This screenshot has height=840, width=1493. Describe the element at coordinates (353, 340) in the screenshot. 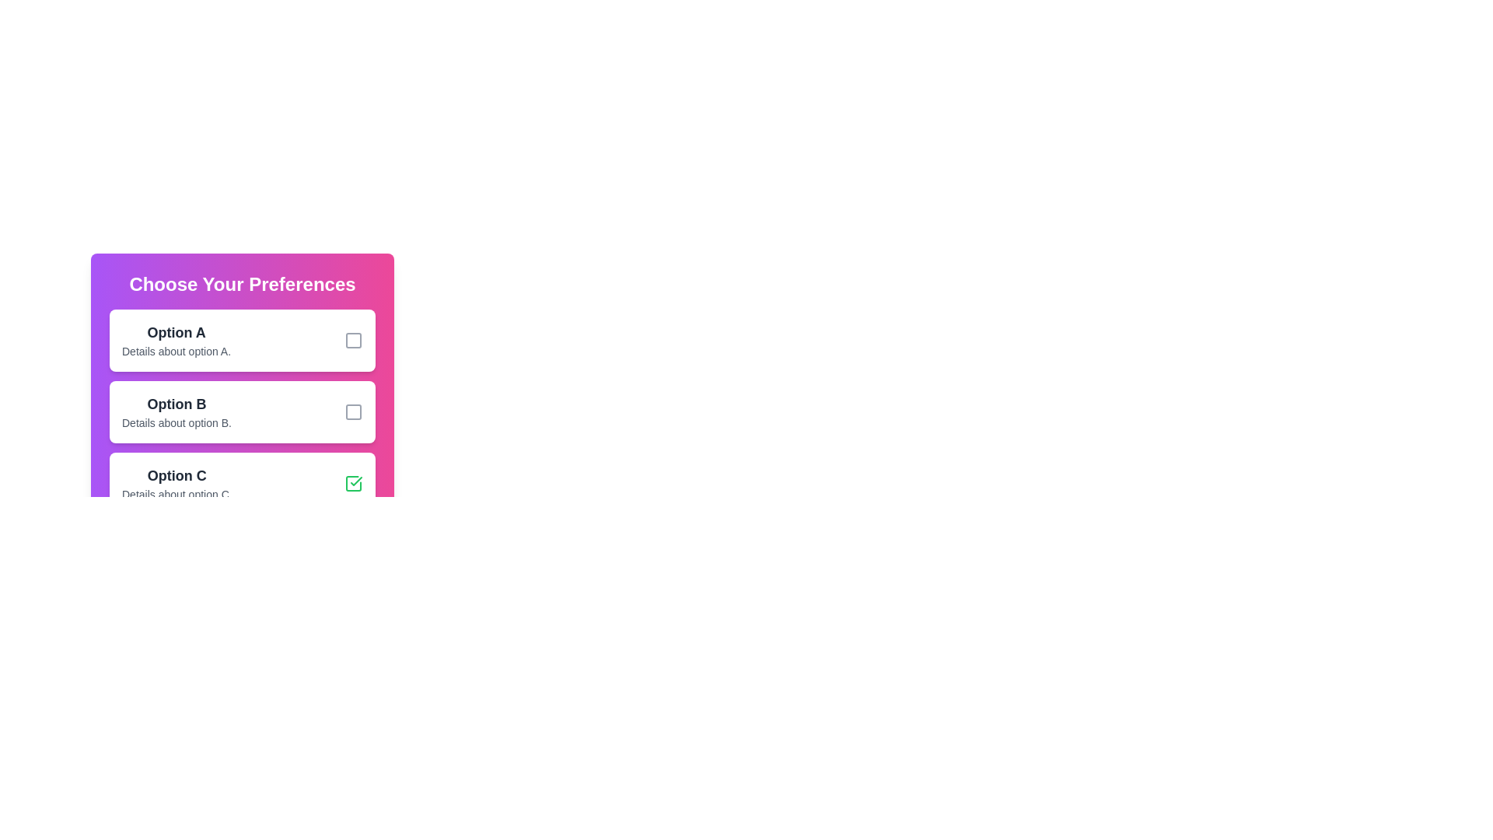

I see `the inactive checkbox icon located to the right of the text 'Option A' for visual feedback` at that location.